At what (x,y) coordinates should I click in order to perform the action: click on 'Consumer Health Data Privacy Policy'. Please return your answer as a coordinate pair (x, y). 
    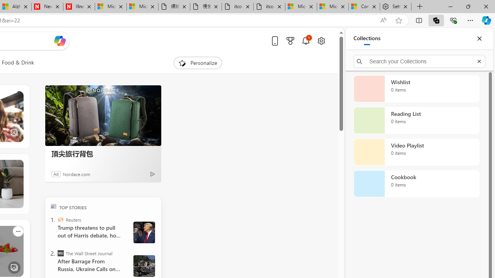
    Looking at the image, I should click on (364, 7).